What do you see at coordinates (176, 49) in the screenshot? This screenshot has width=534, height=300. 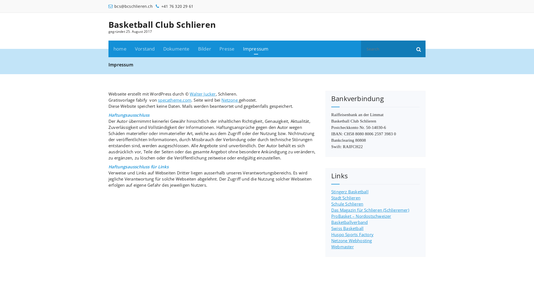 I see `'Dokumente'` at bounding box center [176, 49].